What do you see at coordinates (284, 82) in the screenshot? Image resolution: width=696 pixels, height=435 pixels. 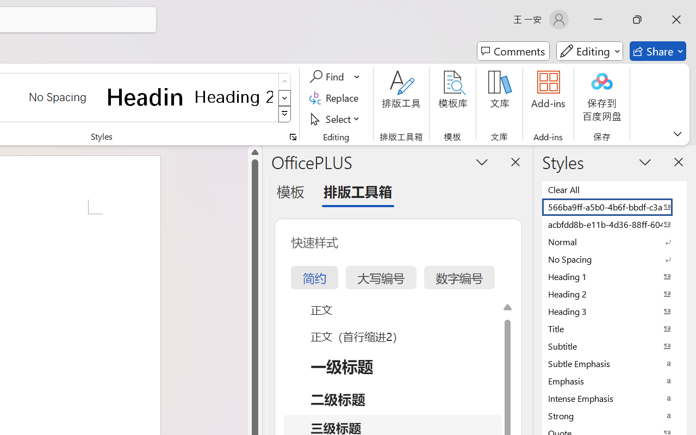 I see `'Row up'` at bounding box center [284, 82].